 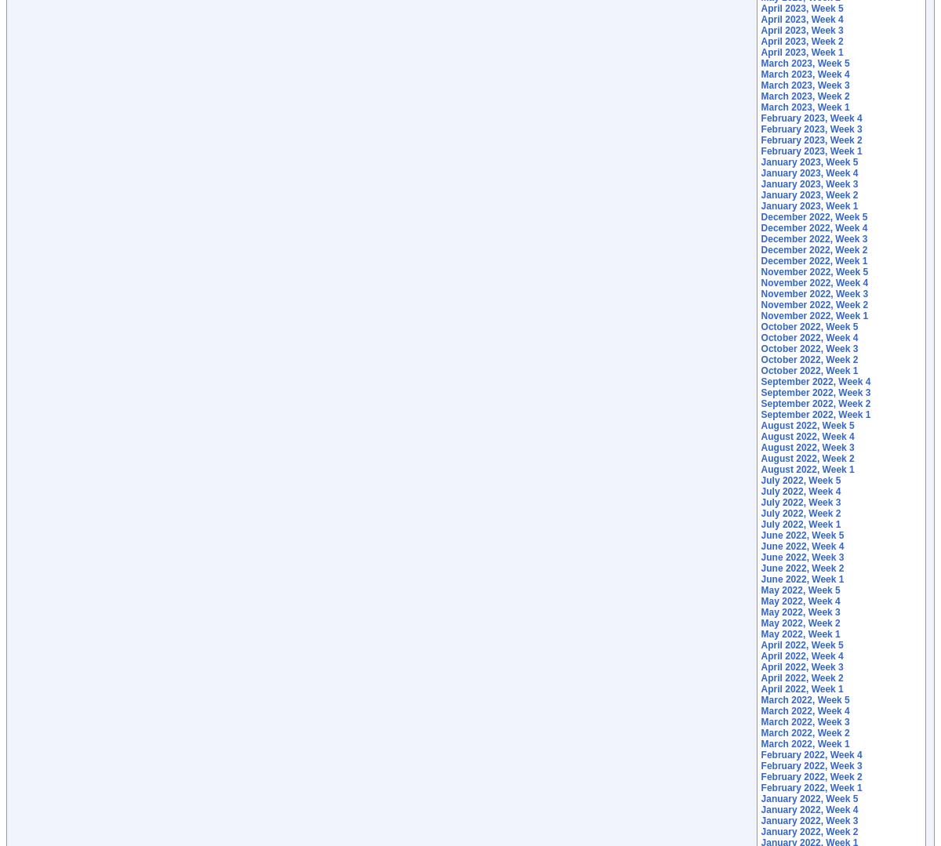 I want to click on 'August 2022, Week 4', so click(x=807, y=435).